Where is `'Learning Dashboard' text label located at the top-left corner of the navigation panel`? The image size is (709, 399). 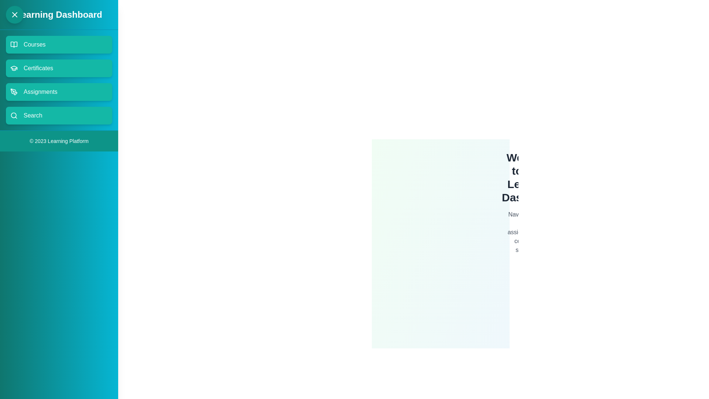
'Learning Dashboard' text label located at the top-left corner of the navigation panel is located at coordinates (58, 14).